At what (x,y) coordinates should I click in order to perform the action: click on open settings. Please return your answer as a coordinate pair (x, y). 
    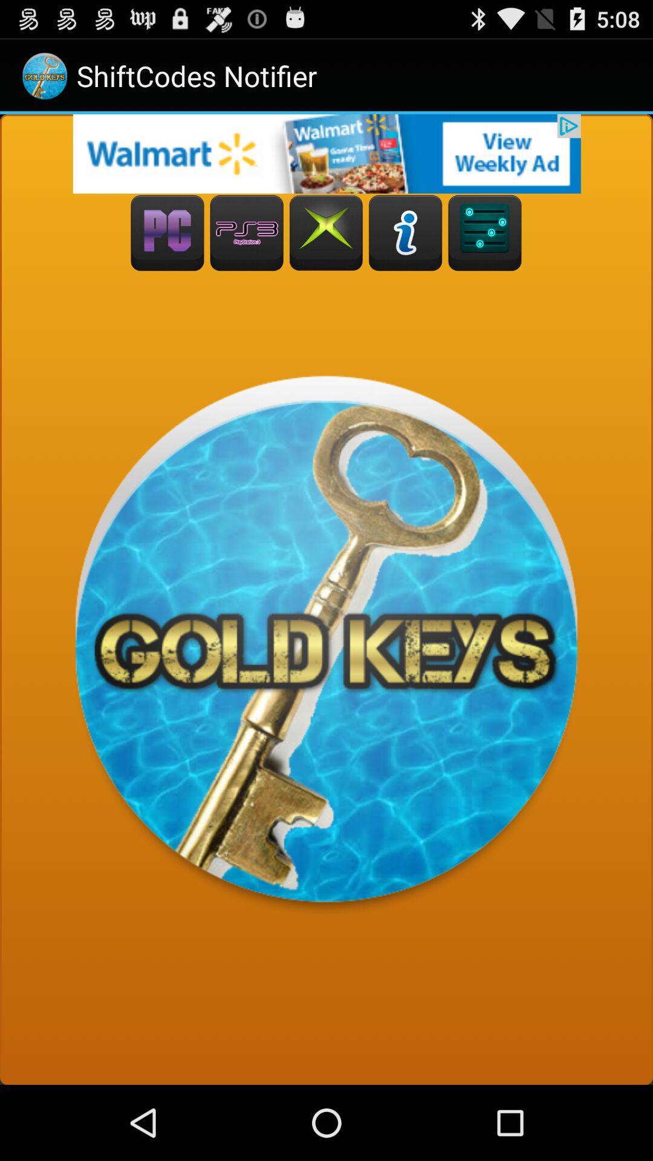
    Looking at the image, I should click on (484, 233).